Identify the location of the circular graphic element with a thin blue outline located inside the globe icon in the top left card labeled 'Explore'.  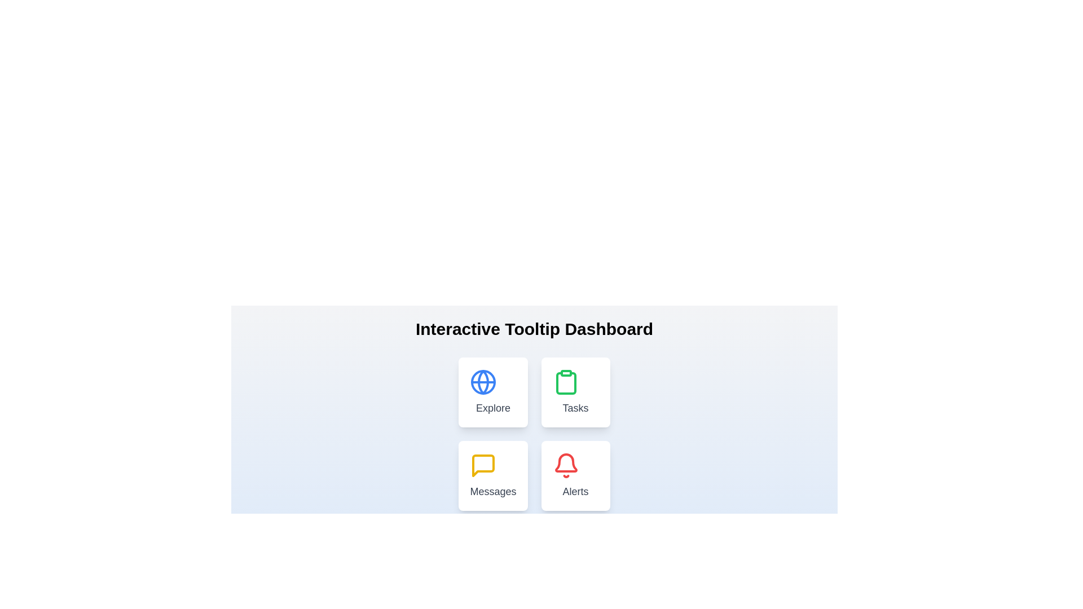
(483, 382).